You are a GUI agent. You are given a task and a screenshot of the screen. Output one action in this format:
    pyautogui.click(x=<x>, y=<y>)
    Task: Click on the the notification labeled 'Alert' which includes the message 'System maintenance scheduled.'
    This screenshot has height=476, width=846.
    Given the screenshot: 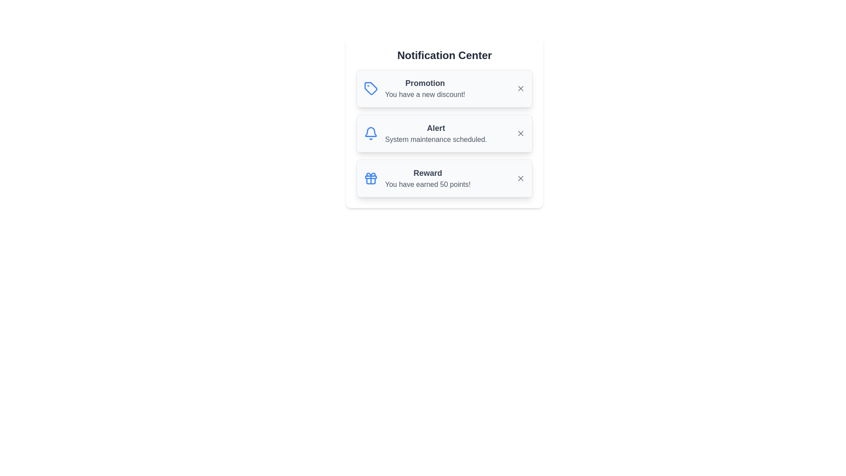 What is the action you would take?
    pyautogui.click(x=444, y=134)
    